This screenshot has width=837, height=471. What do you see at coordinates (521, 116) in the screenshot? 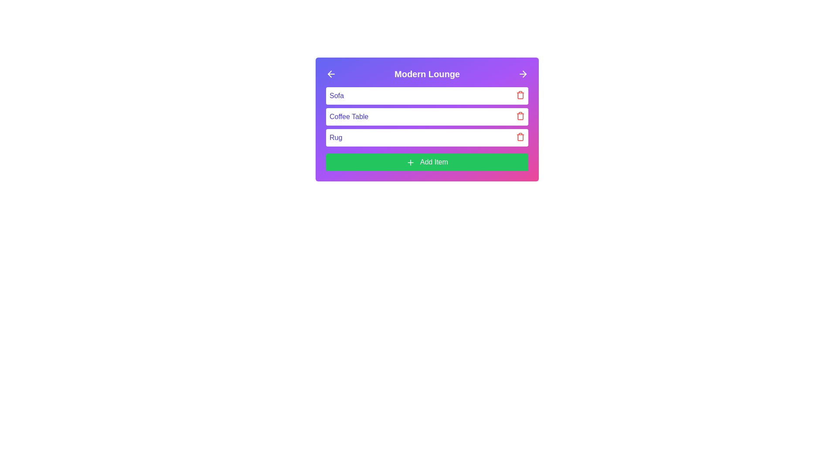
I see `the delete Icon button located to the right of the 'Coffee Table' label in the 'Modern Lounge' section` at bounding box center [521, 116].